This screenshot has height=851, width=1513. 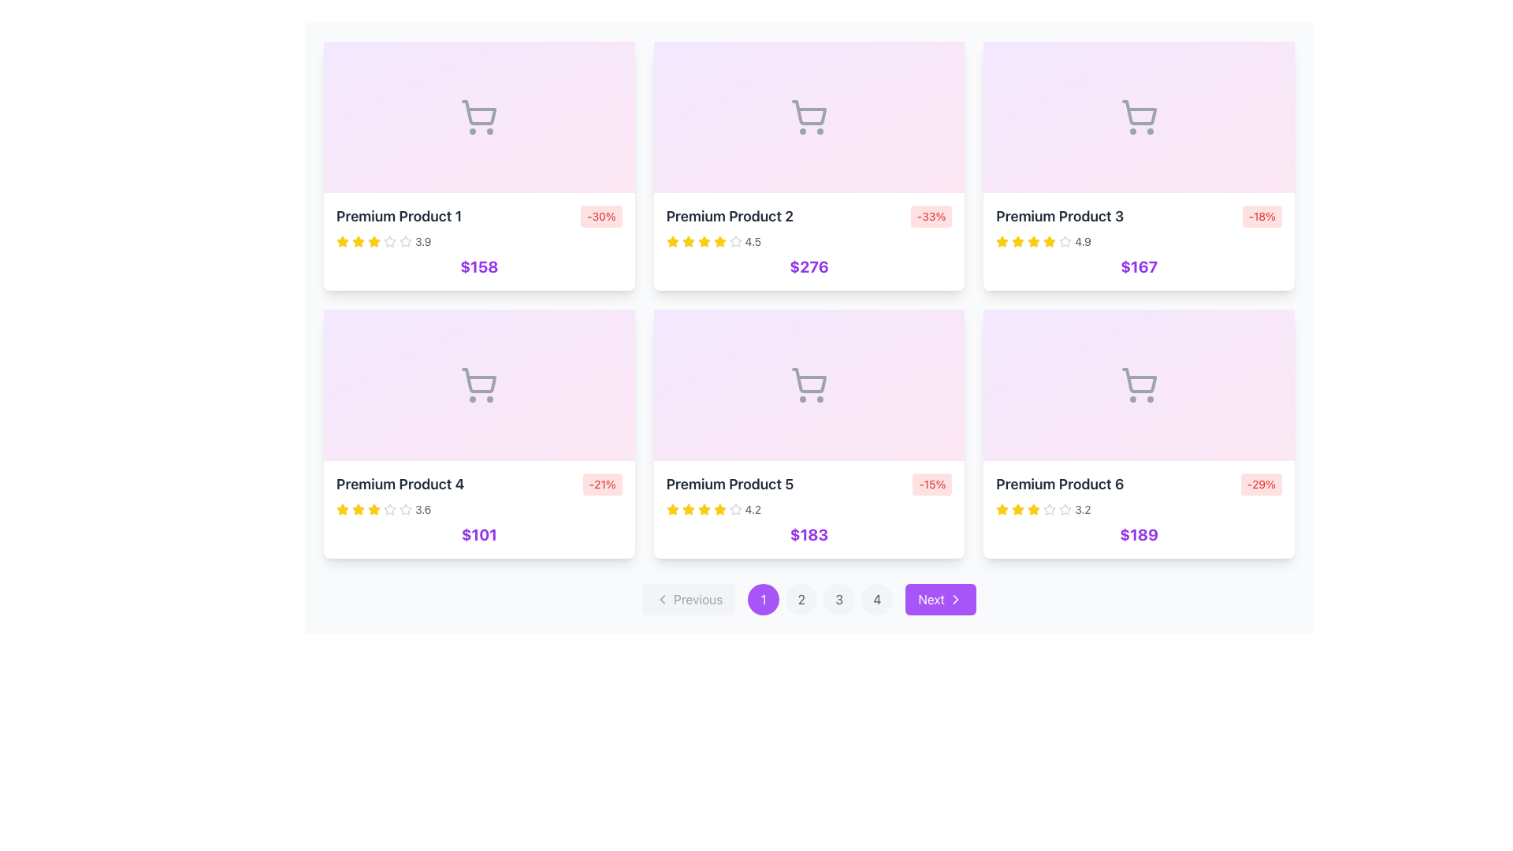 What do you see at coordinates (838, 599) in the screenshot?
I see `the circular button with a white background and a gray numeral '3' to change its appearance to purple` at bounding box center [838, 599].